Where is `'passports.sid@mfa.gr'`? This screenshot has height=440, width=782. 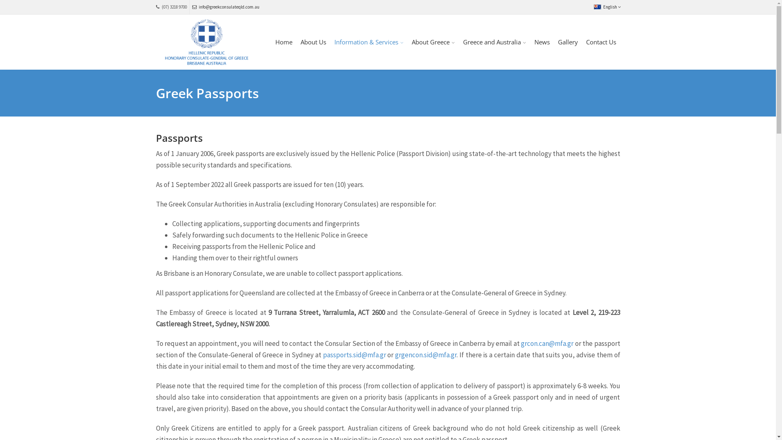
'passports.sid@mfa.gr' is located at coordinates (322, 354).